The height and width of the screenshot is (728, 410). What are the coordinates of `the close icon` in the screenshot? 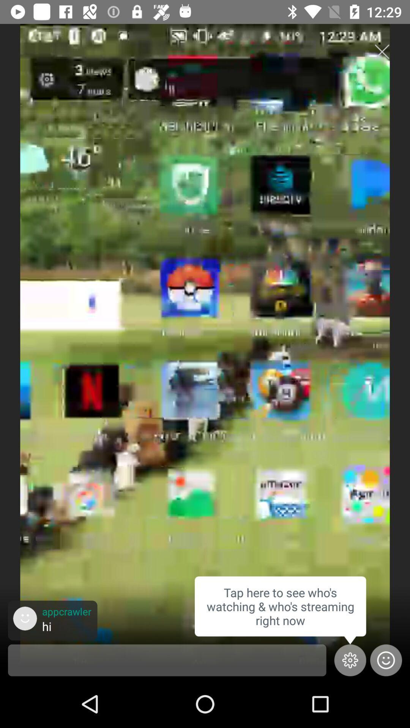 It's located at (382, 51).